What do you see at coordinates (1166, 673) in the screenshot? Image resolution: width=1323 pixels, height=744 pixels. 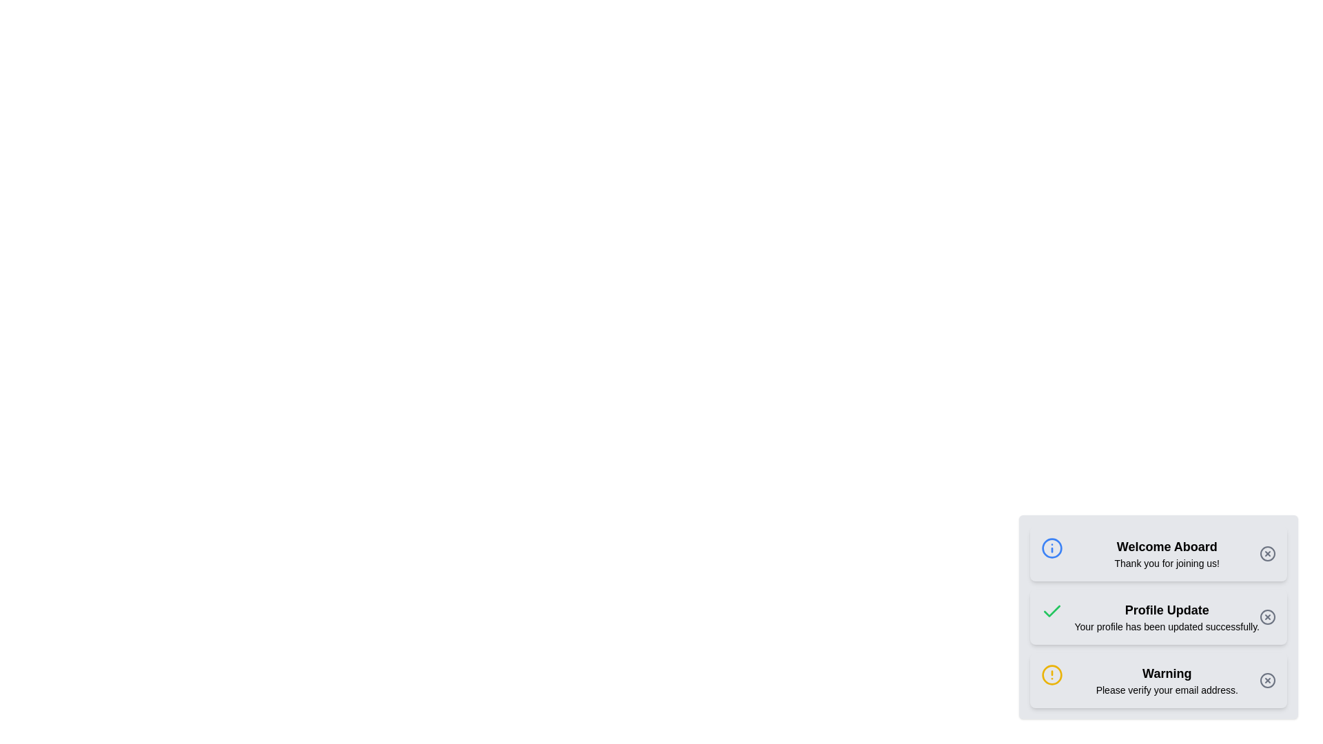 I see `the notification title text label located in the third notification box, positioned above the smaller text 'Please verify your email address.'` at bounding box center [1166, 673].